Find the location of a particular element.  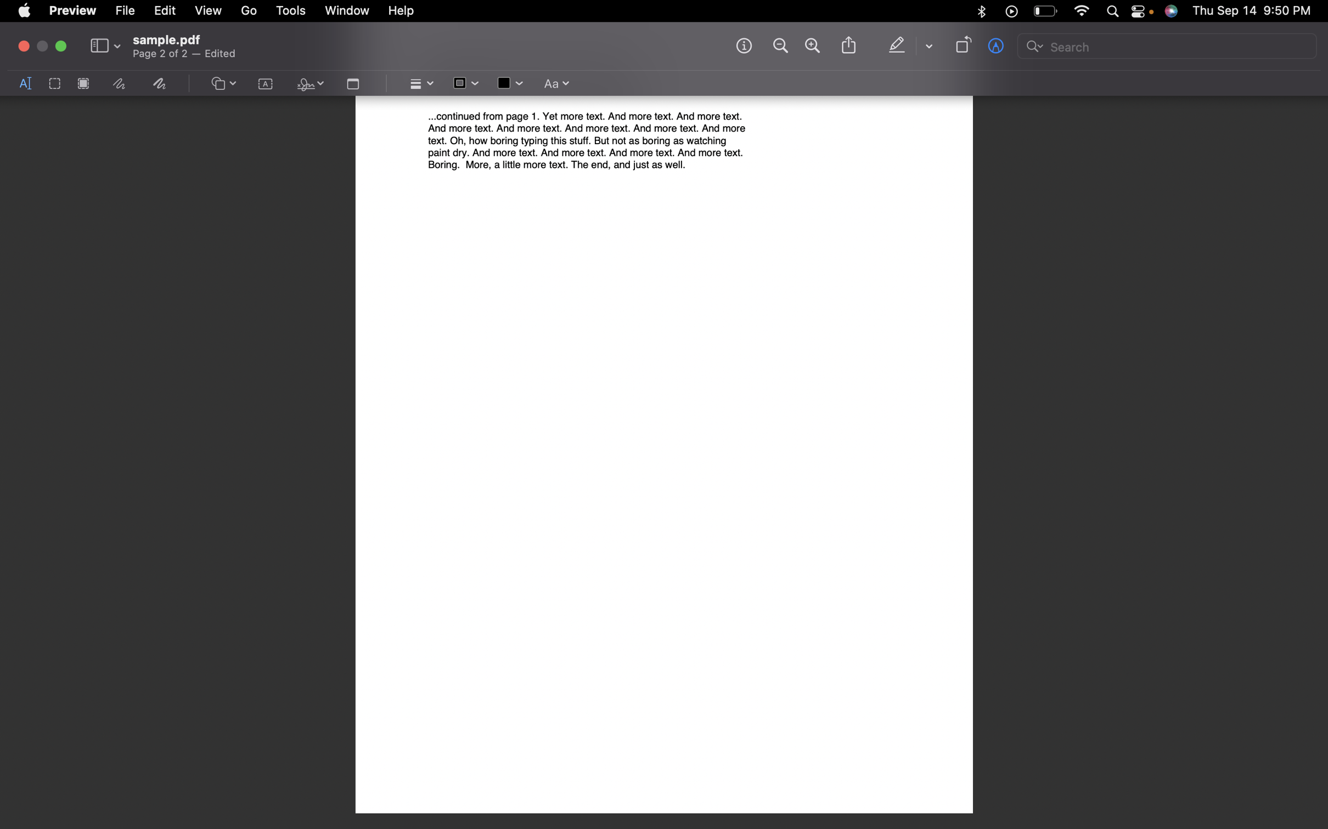

a pyautogui click for the "redact" function is located at coordinates (83, 84).